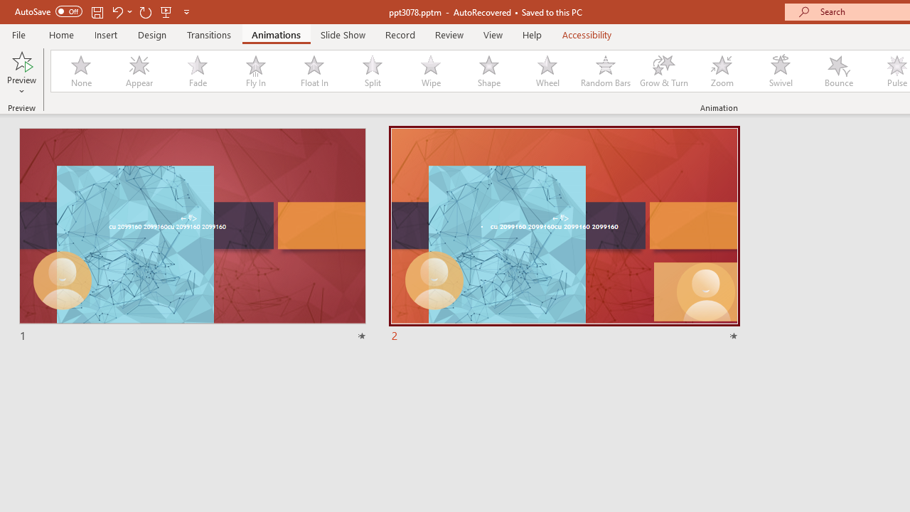  Describe the element at coordinates (255, 71) in the screenshot. I see `'Fly In'` at that location.